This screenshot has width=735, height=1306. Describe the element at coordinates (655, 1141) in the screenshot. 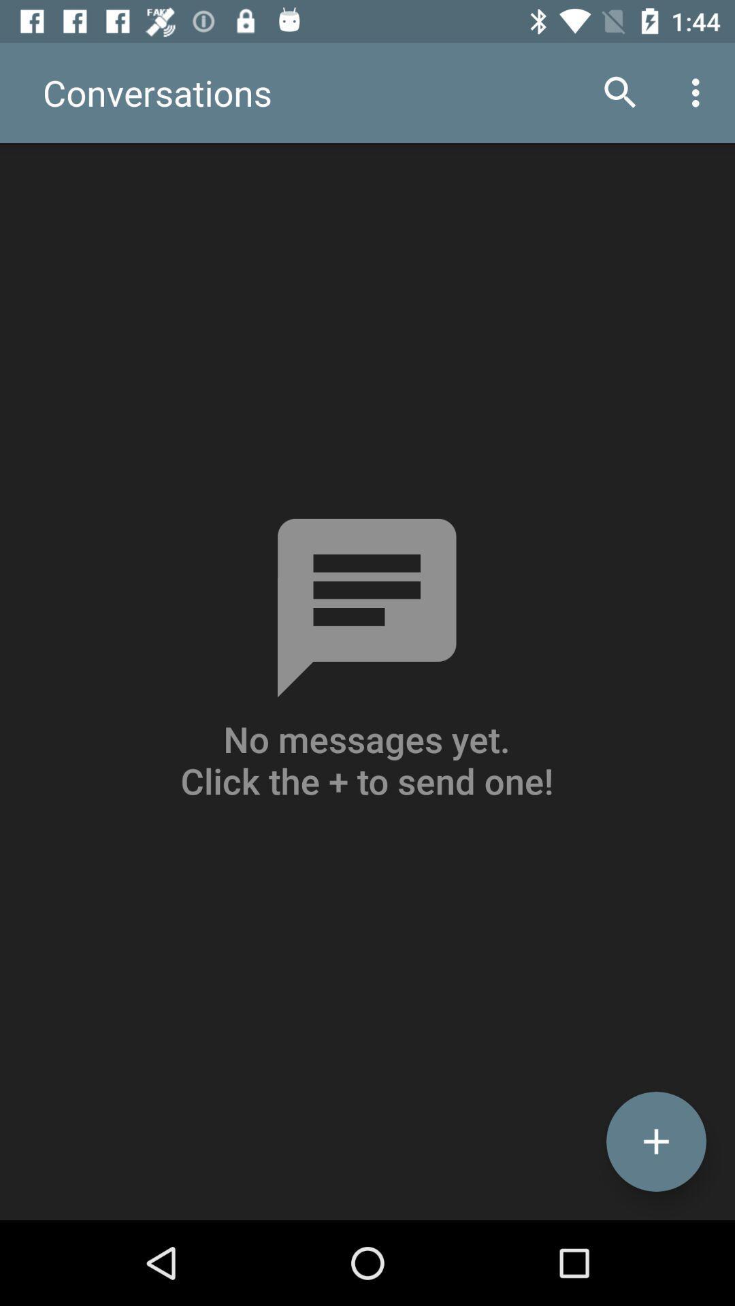

I see `add contacts` at that location.